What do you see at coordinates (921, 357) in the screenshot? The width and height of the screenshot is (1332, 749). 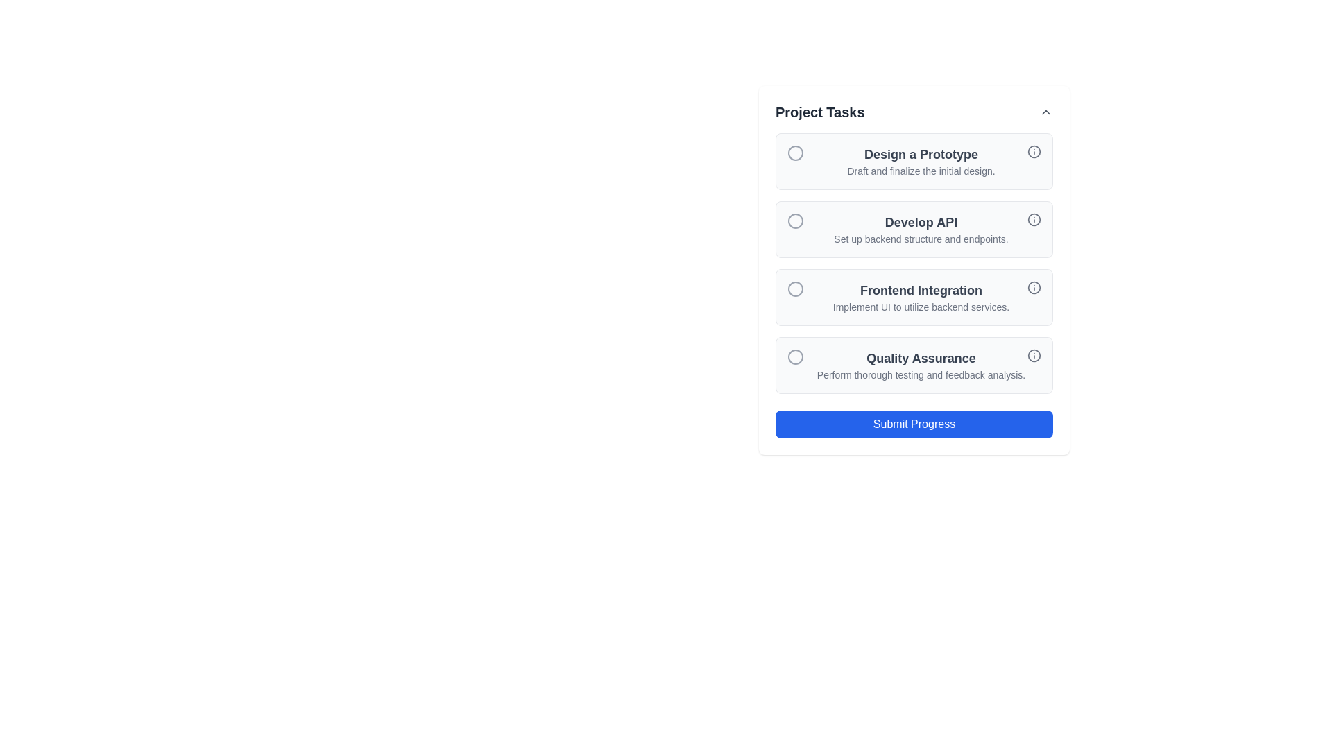 I see `the Text Label that serves as the heading for the task titled 'Quality Assurance', which is located in the fourth box of a vertically stacked list of task options` at bounding box center [921, 357].